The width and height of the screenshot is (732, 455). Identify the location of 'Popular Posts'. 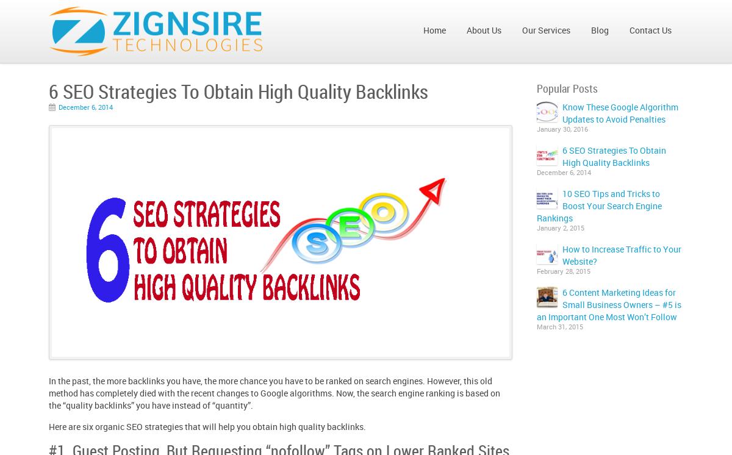
(536, 88).